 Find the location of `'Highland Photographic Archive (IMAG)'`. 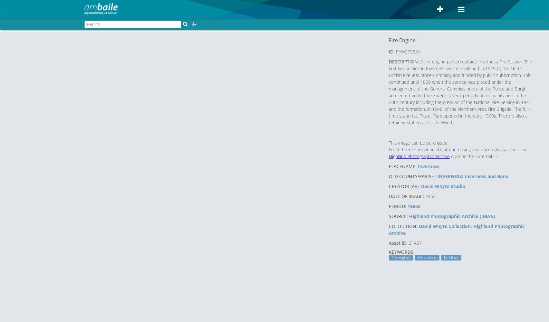

'Highland Photographic Archive (IMAG)' is located at coordinates (452, 216).